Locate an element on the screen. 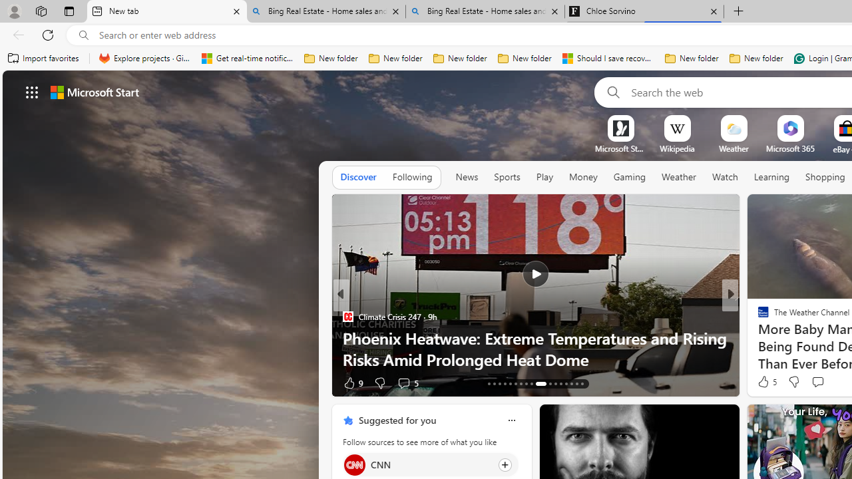  'Nordace.com' is located at coordinates (776, 337).